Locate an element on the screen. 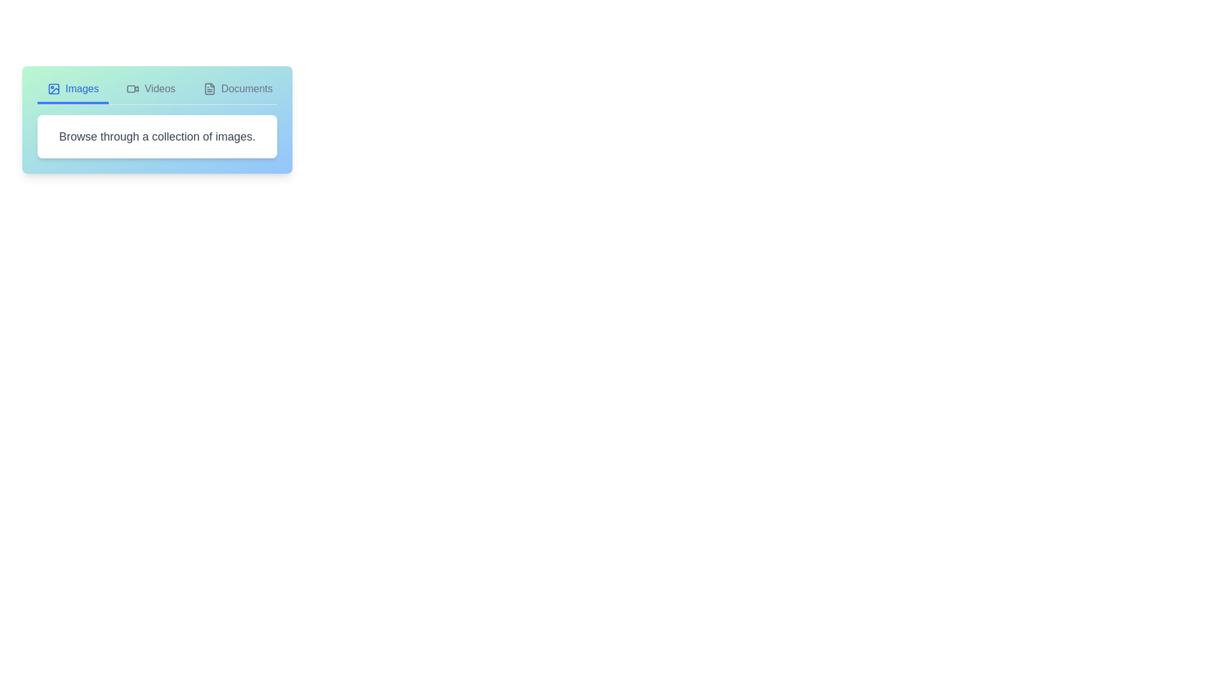 The image size is (1221, 687). the tab labeled Videos is located at coordinates (151, 92).